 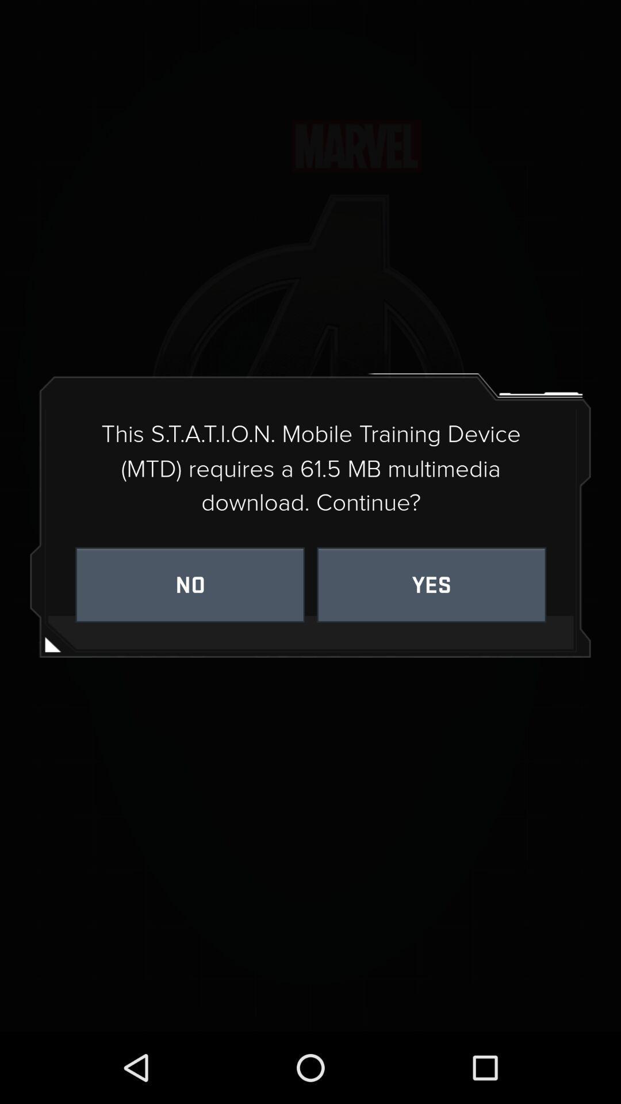 I want to click on item to the right of no icon, so click(x=431, y=585).